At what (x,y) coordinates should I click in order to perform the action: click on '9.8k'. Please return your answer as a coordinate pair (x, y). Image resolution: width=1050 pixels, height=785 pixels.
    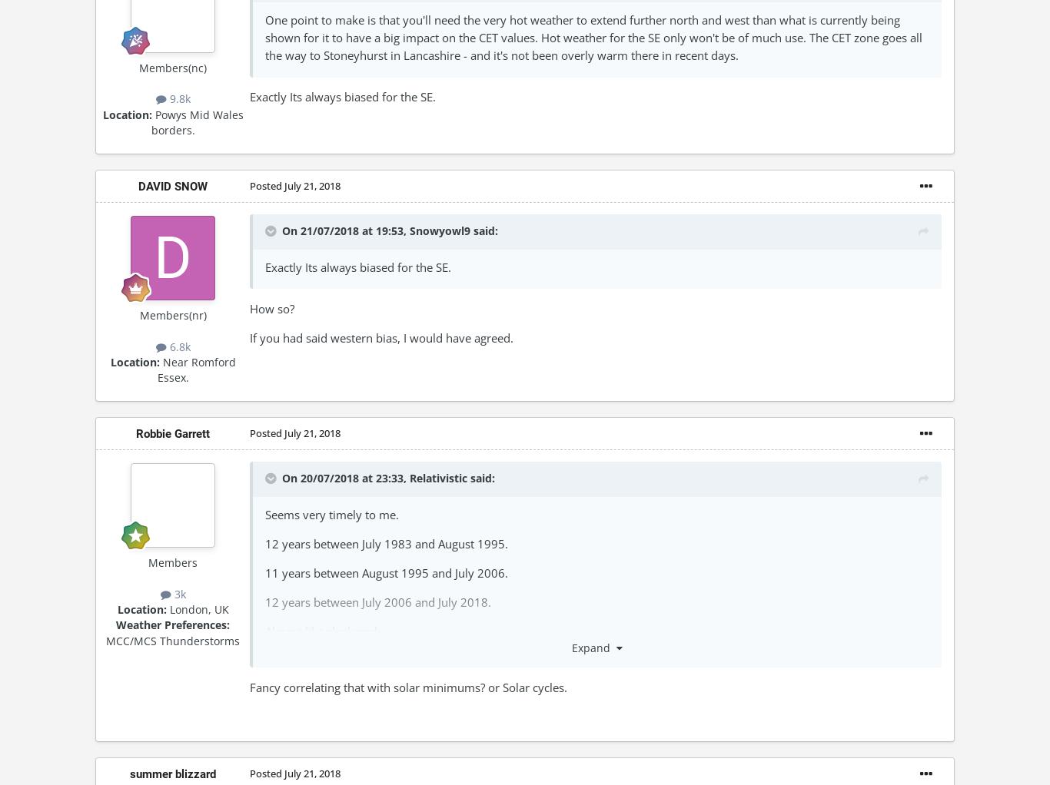
    Looking at the image, I should click on (178, 98).